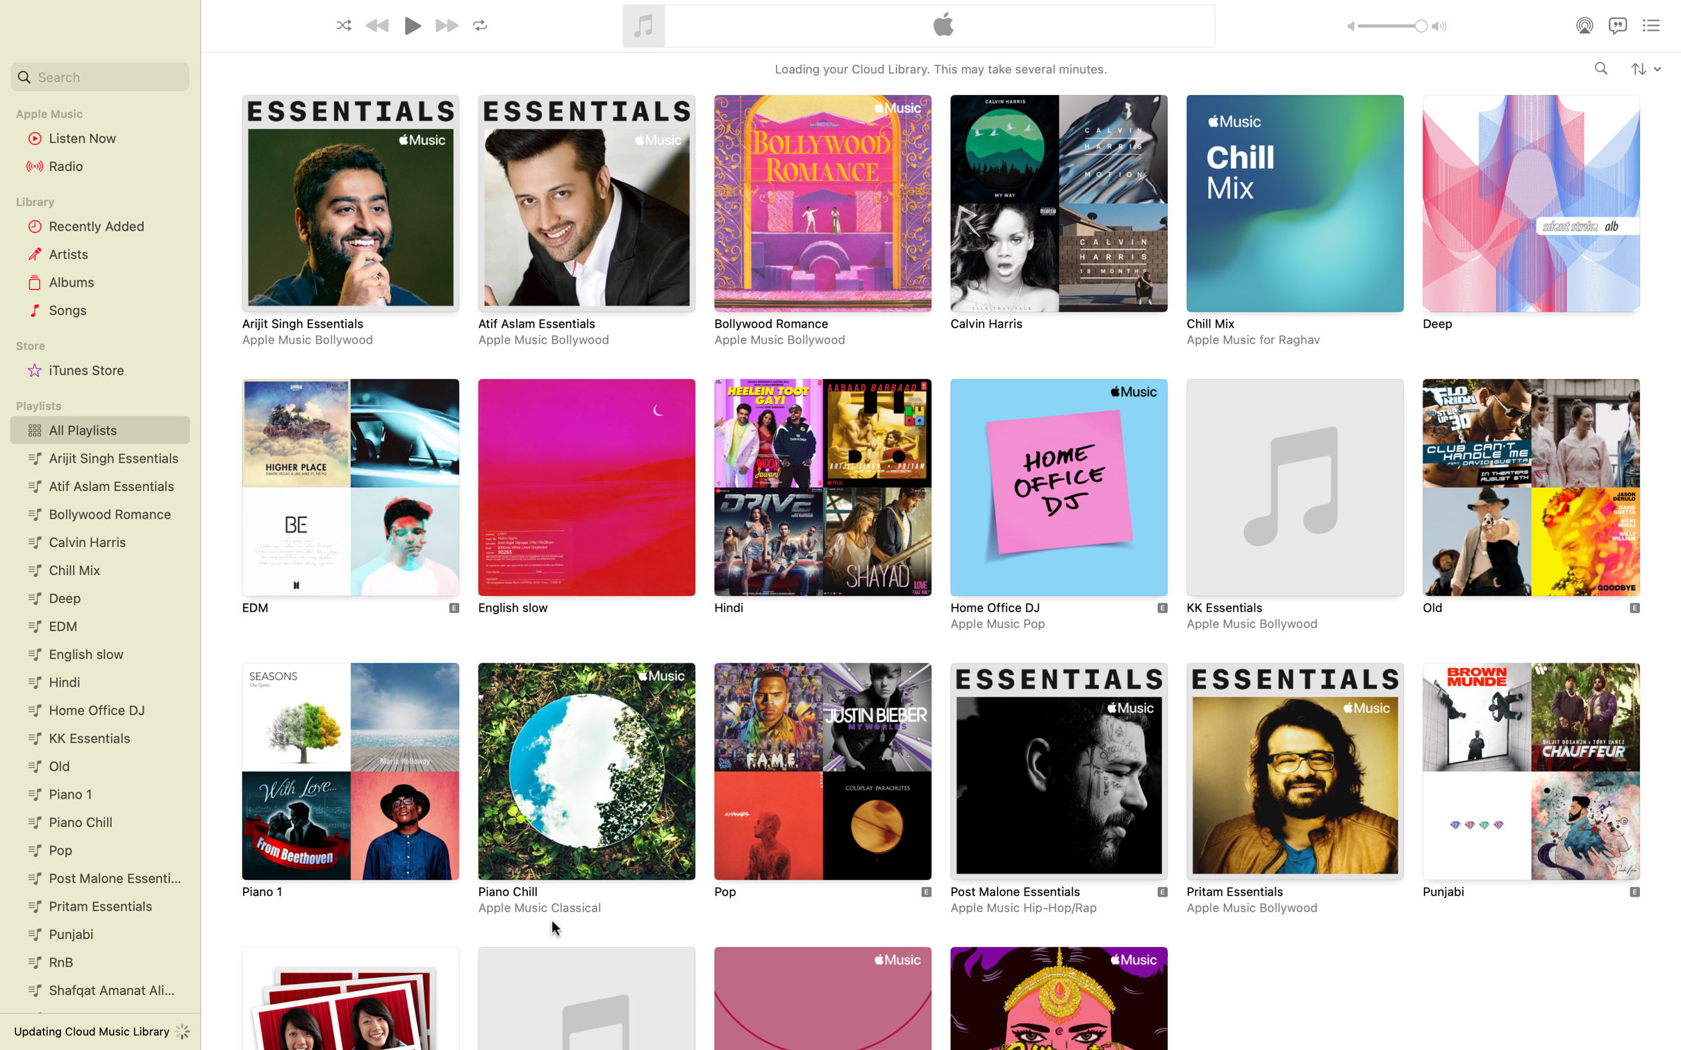 The width and height of the screenshot is (1681, 1050). What do you see at coordinates (586, 501) in the screenshot?
I see `Verify the playlist titled English Slow` at bounding box center [586, 501].